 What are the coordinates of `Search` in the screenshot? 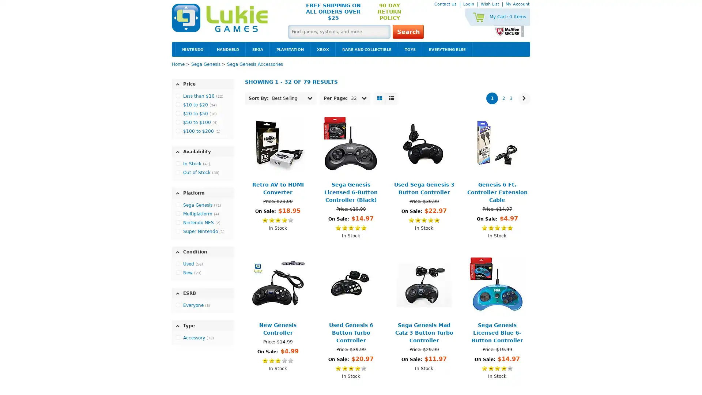 It's located at (408, 31).